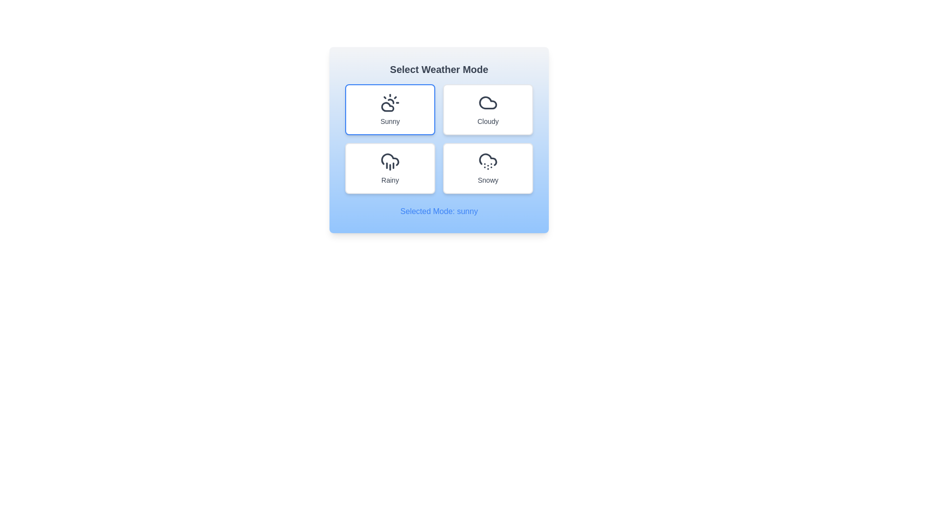 This screenshot has width=940, height=529. Describe the element at coordinates (389, 168) in the screenshot. I see `the weather mode button labeled Rainy` at that location.